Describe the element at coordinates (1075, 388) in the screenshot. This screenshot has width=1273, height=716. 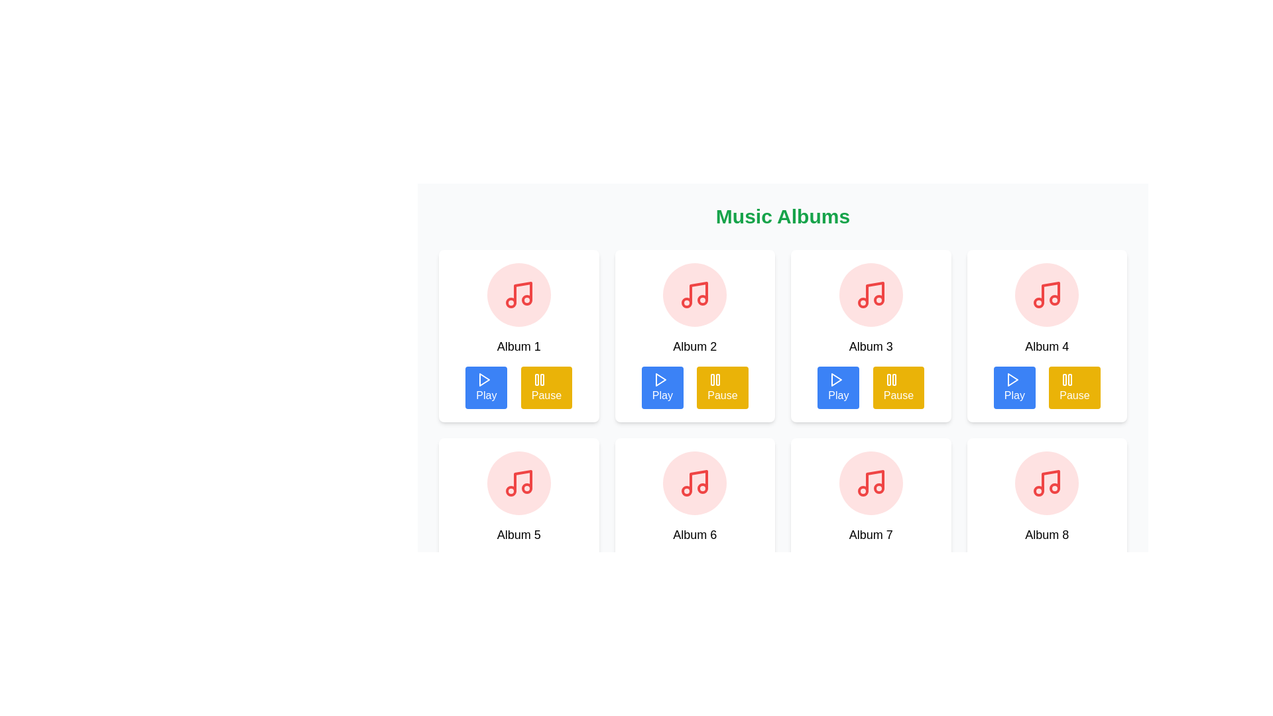
I see `the yellow rectangular 'Pause' button with rounded corners and white text, located beneath album 4 in the music album grid` at that location.